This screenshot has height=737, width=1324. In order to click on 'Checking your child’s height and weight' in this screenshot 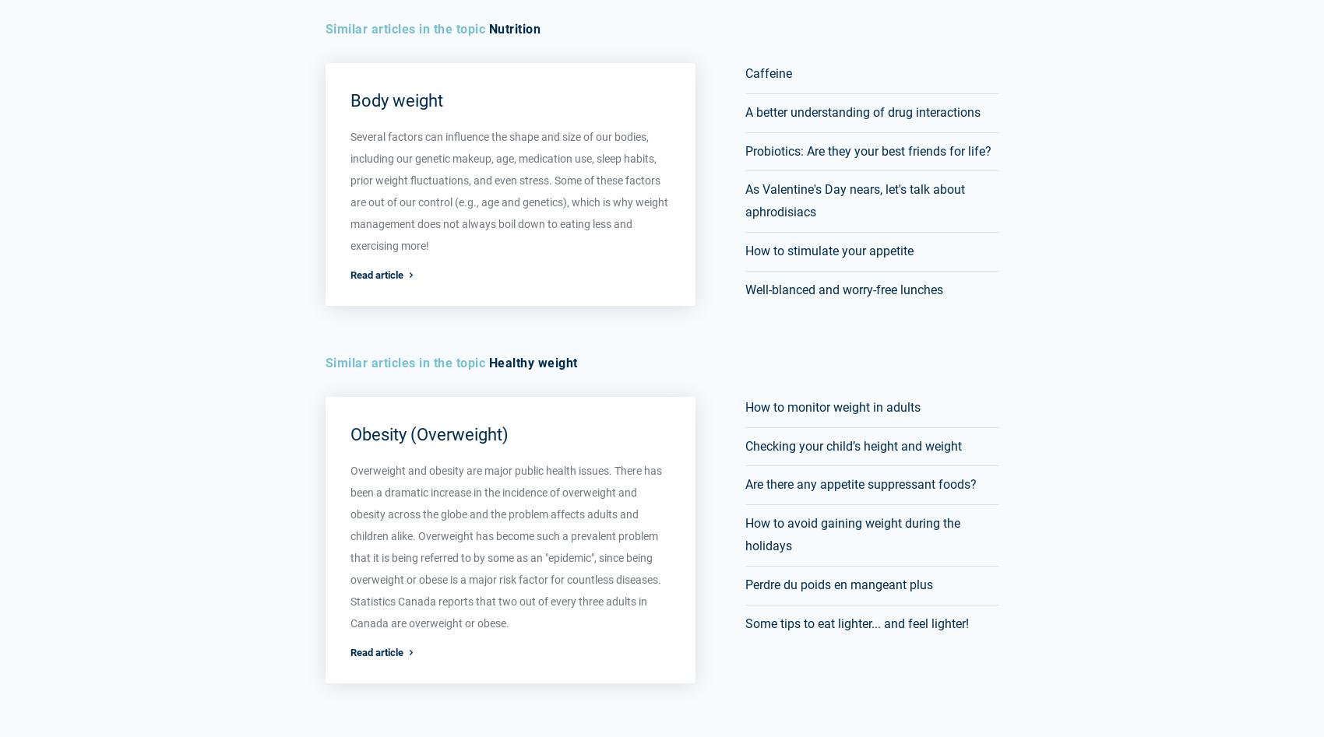, I will do `click(852, 445)`.